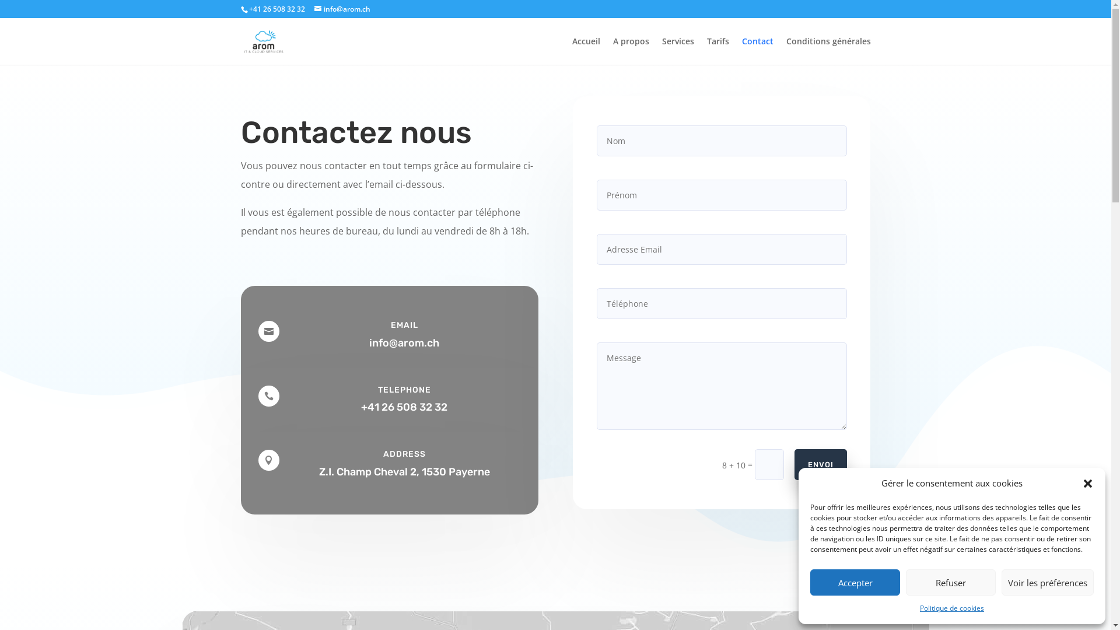 This screenshot has width=1120, height=630. What do you see at coordinates (820, 464) in the screenshot?
I see `'ENVOI'` at bounding box center [820, 464].